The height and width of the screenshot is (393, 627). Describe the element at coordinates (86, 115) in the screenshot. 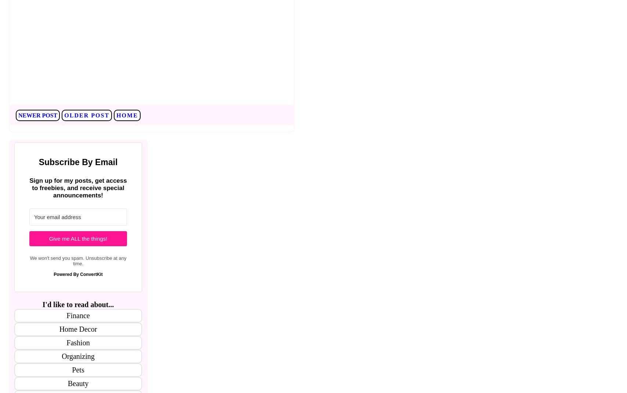

I see `'Older Post'` at that location.